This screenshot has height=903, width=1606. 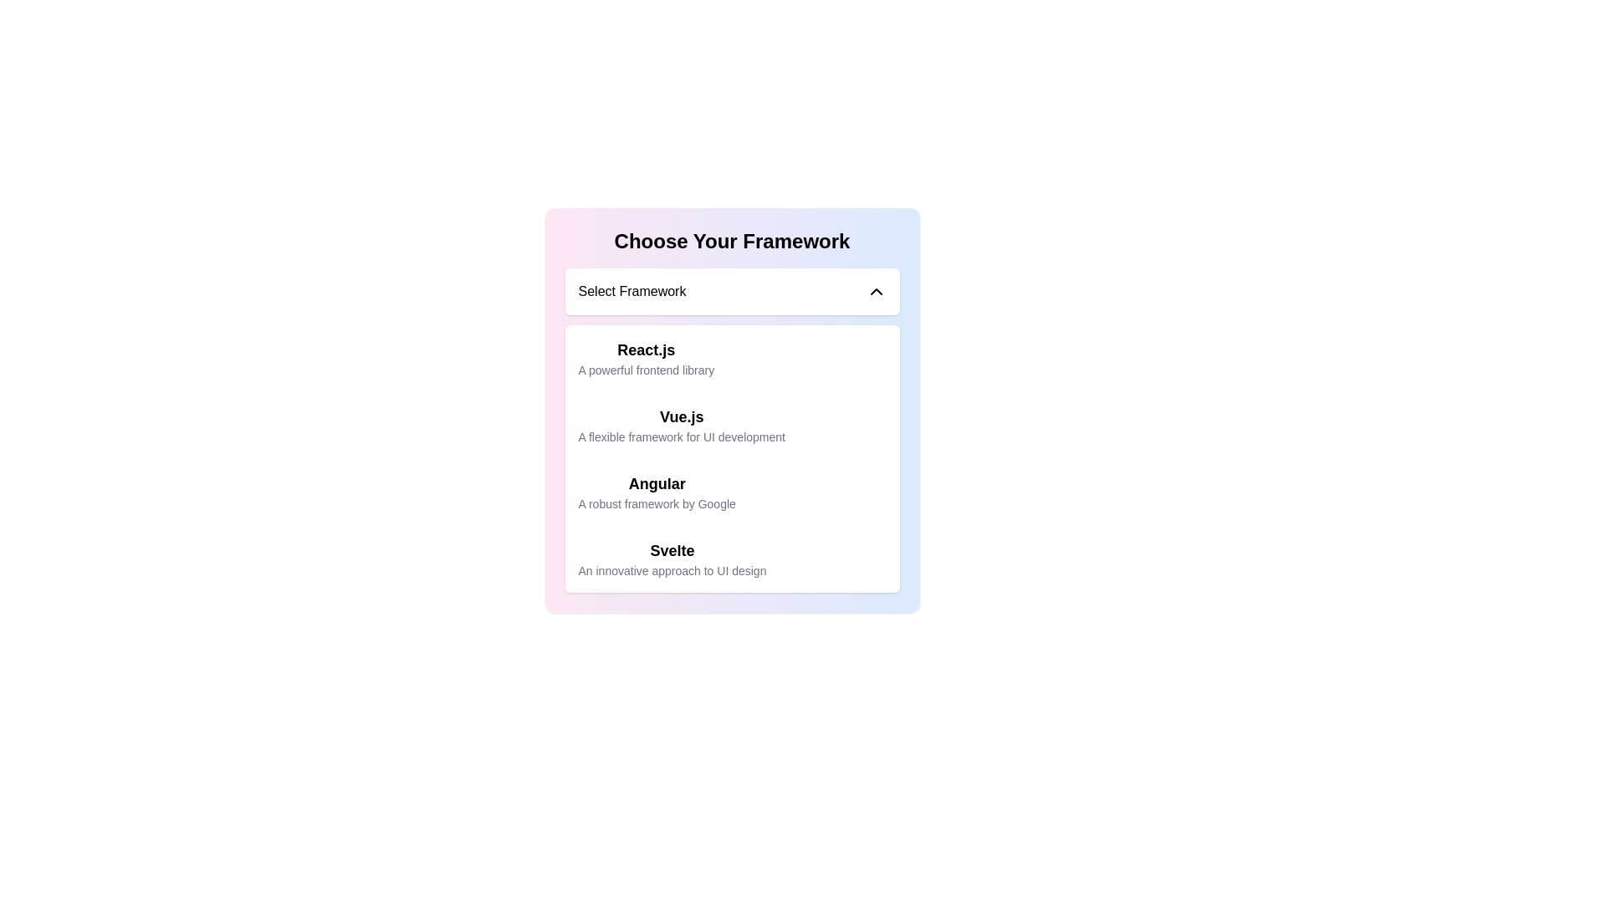 I want to click on the list item displaying 'Svelte' with a bold font and a description 'An innovative approach to UI design', so click(x=732, y=559).